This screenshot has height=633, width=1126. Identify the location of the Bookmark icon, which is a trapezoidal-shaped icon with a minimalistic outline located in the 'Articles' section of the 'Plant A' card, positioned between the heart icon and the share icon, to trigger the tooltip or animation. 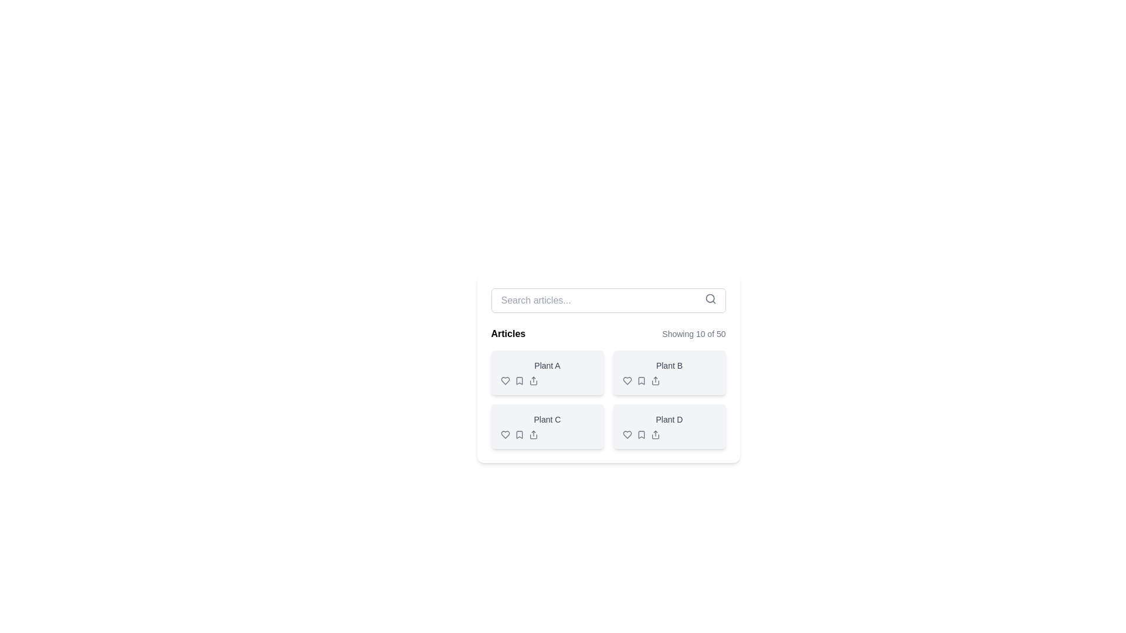
(518, 381).